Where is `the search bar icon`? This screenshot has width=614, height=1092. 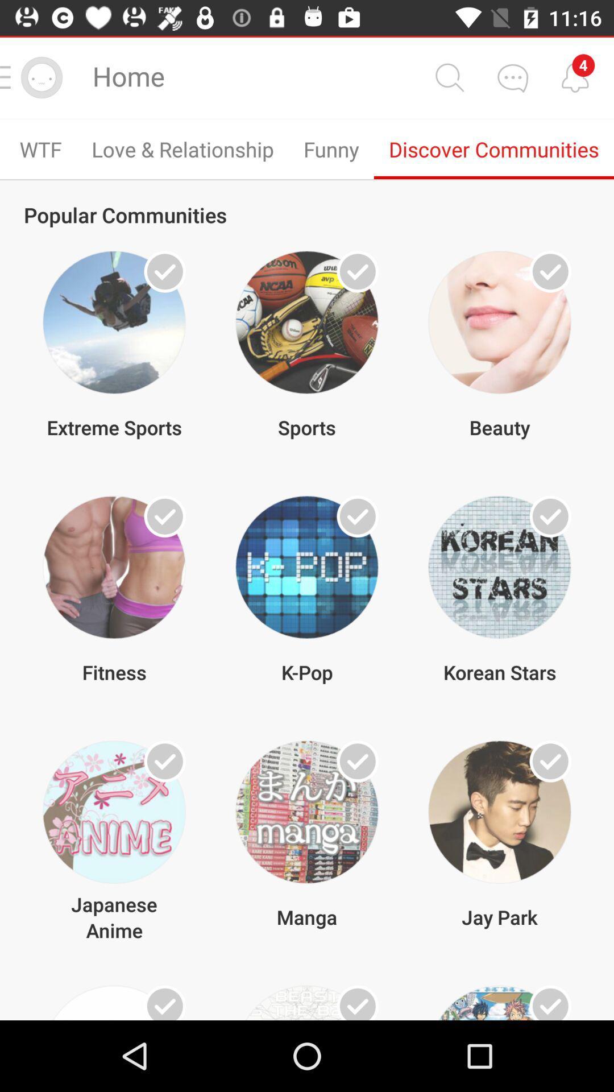
the search bar icon is located at coordinates (449, 76).